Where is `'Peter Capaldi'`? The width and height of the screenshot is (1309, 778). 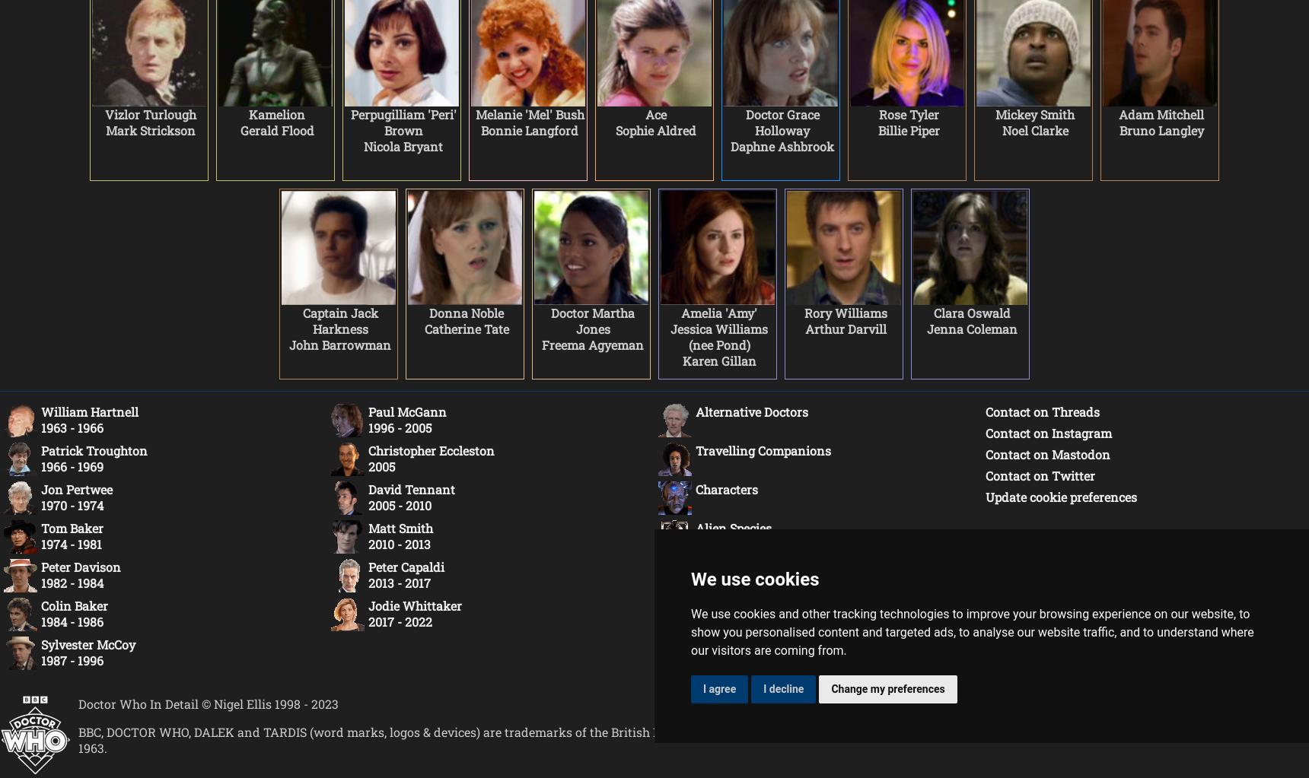
'Peter Capaldi' is located at coordinates (406, 567).